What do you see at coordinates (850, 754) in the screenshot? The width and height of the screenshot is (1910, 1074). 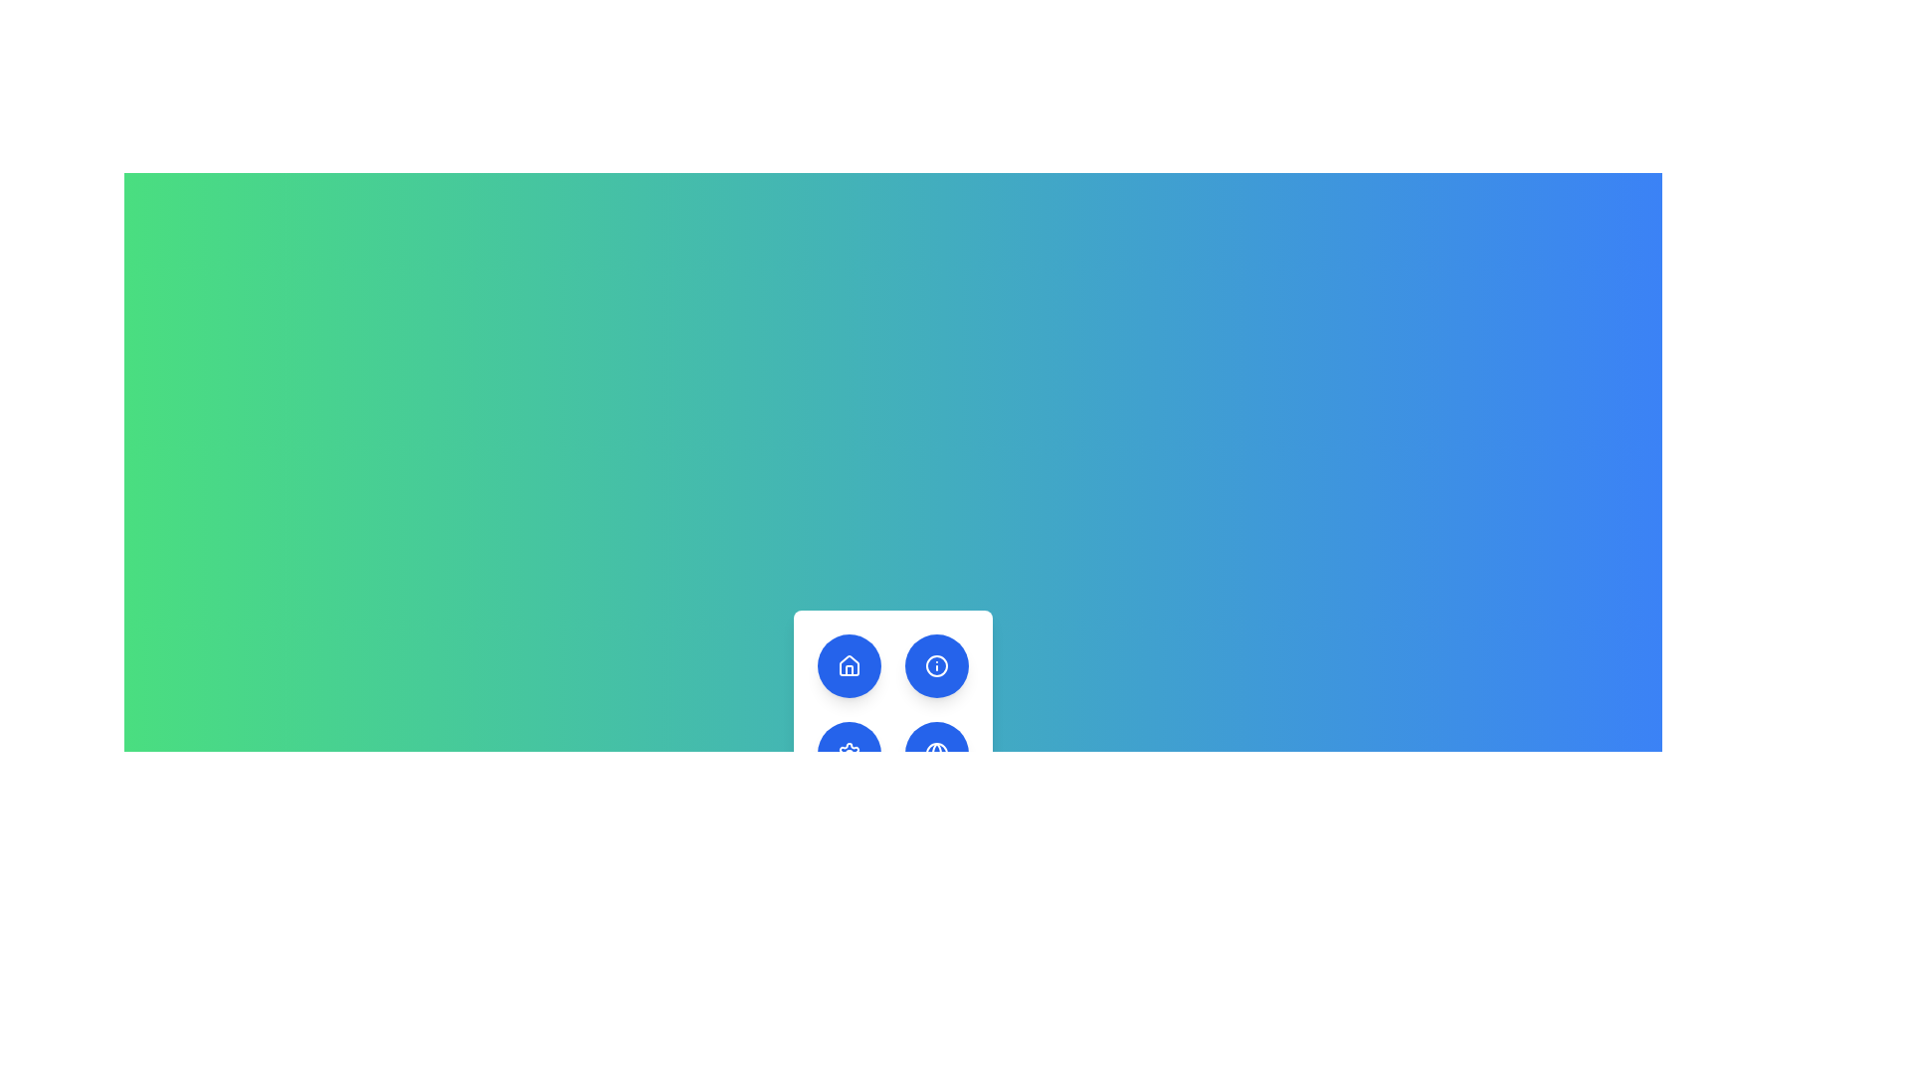 I see `the settings icon button located in the bottom row, first column of a grid of circular buttons for keyboard interaction` at bounding box center [850, 754].